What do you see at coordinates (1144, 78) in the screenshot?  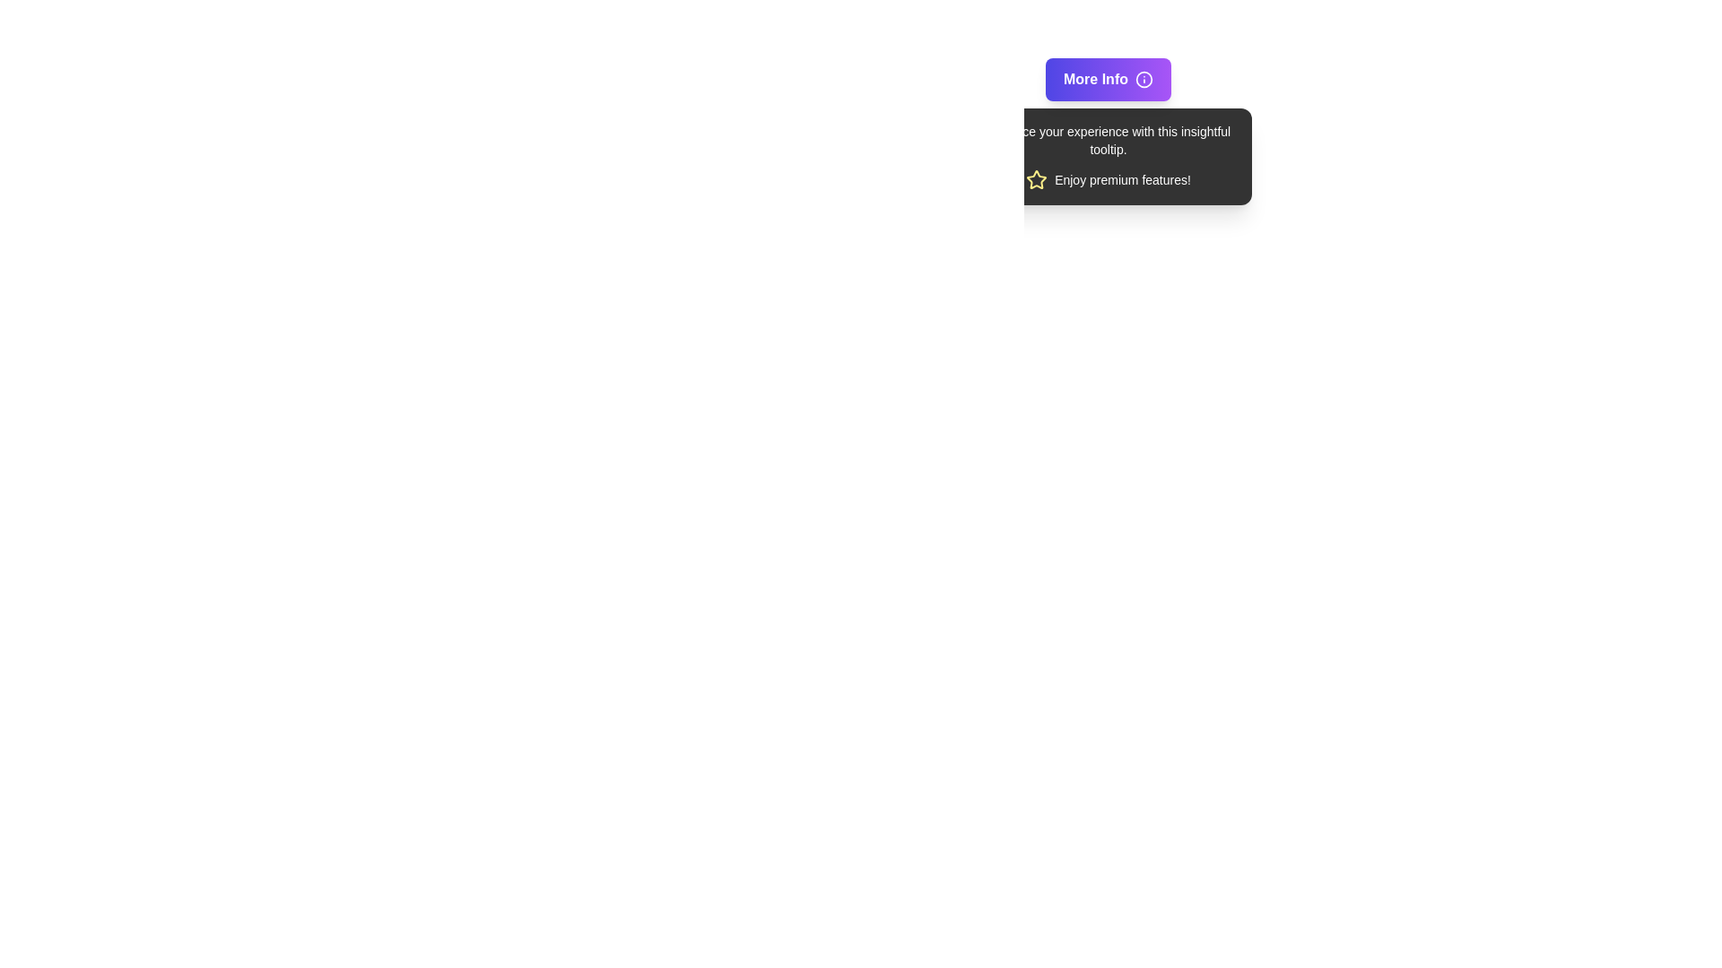 I see `the information icon located at the right-hand side of the 'More Info' button` at bounding box center [1144, 78].